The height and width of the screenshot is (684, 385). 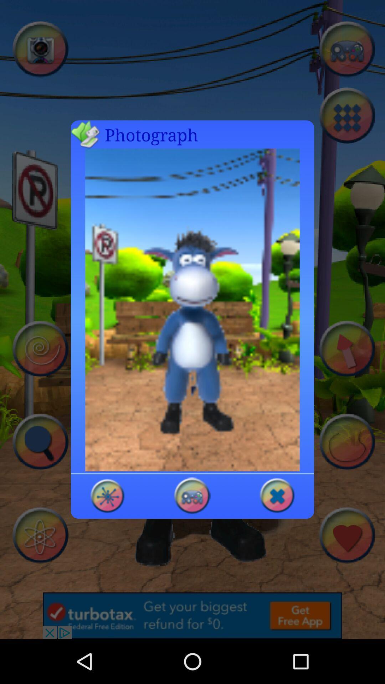 What do you see at coordinates (277, 495) in the screenshot?
I see `icon at the bottom right corner` at bounding box center [277, 495].